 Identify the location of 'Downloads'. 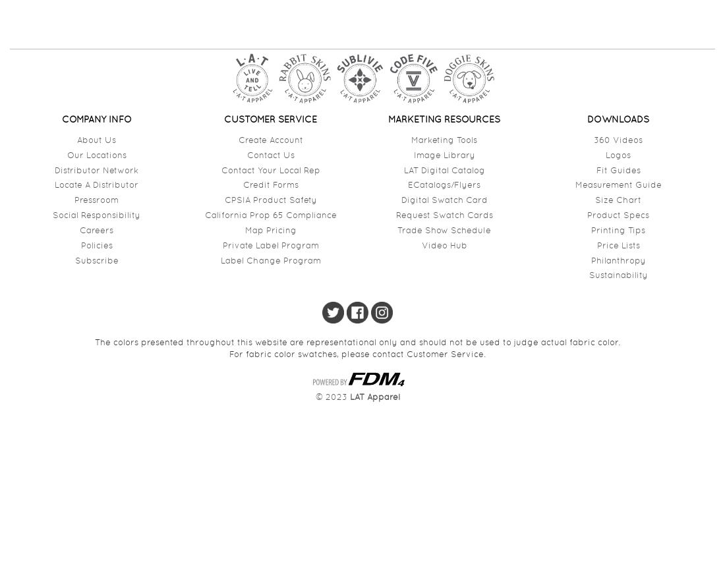
(618, 118).